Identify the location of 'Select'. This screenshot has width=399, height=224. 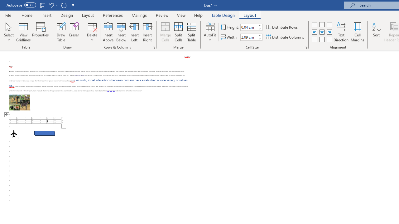
(9, 32).